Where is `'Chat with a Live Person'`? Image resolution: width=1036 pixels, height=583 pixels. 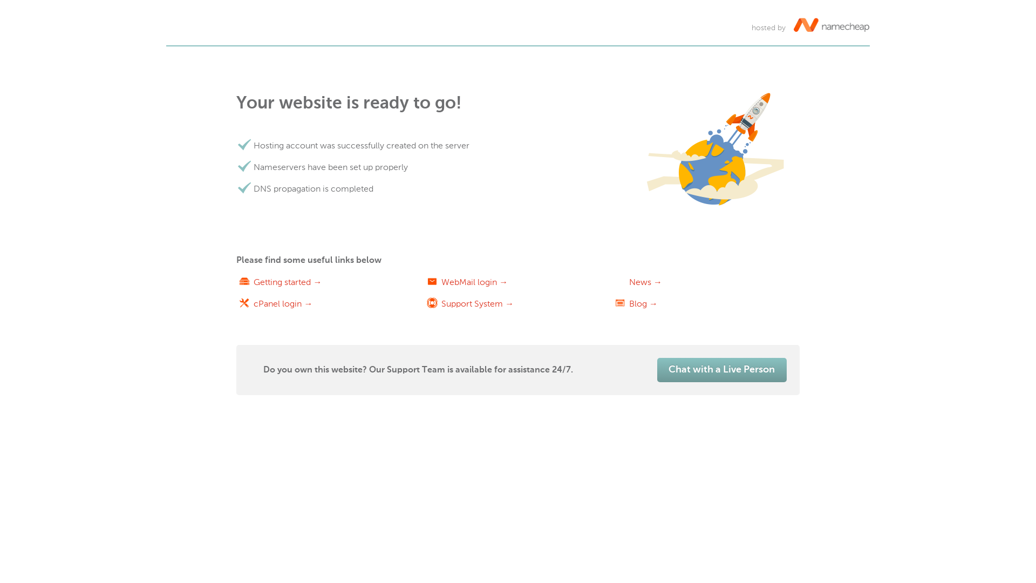
'Chat with a Live Person' is located at coordinates (657, 369).